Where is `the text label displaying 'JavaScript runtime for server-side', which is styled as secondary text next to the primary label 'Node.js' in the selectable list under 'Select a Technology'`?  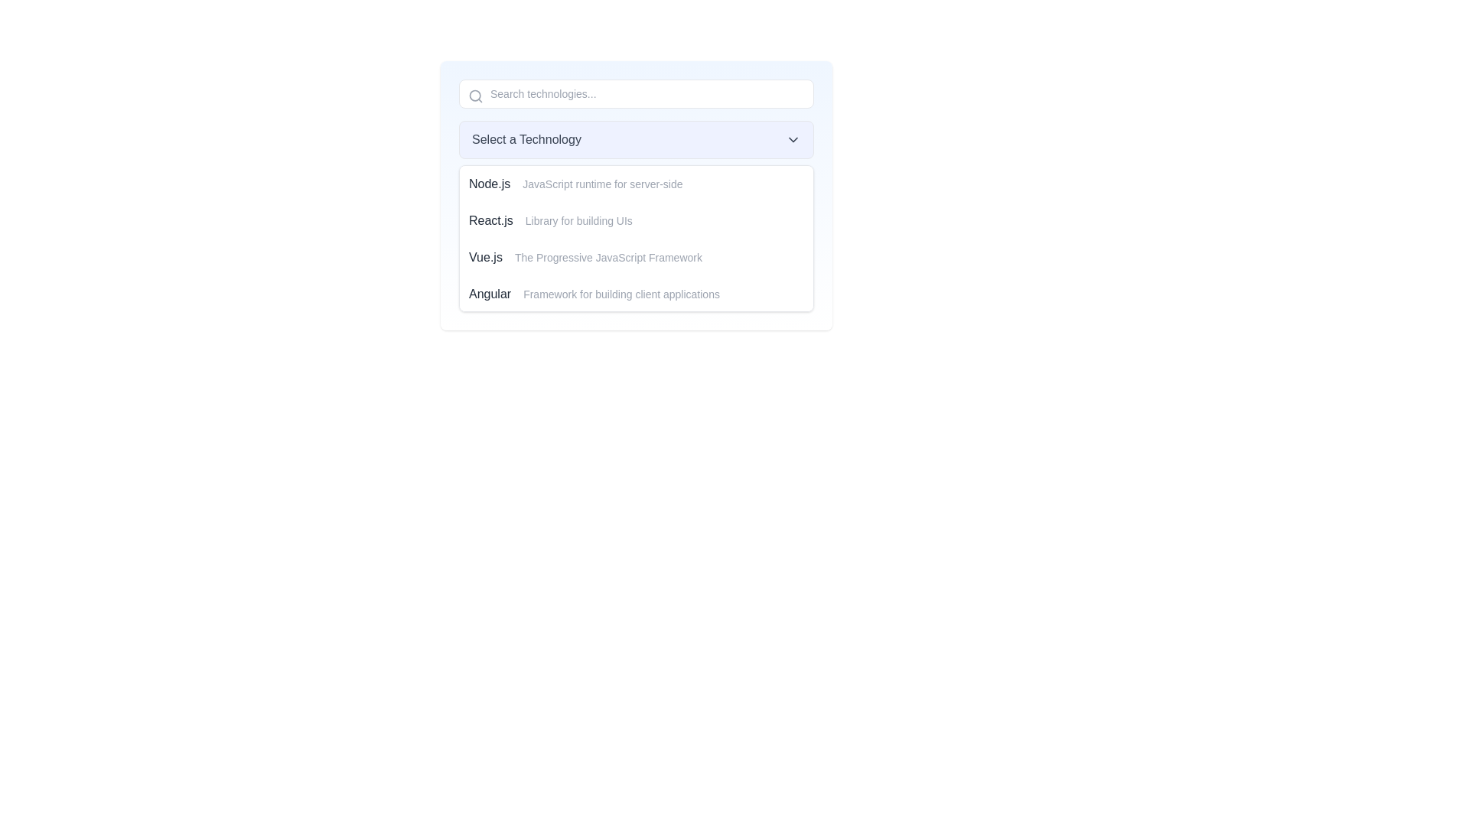
the text label displaying 'JavaScript runtime for server-side', which is styled as secondary text next to the primary label 'Node.js' in the selectable list under 'Select a Technology' is located at coordinates (601, 183).